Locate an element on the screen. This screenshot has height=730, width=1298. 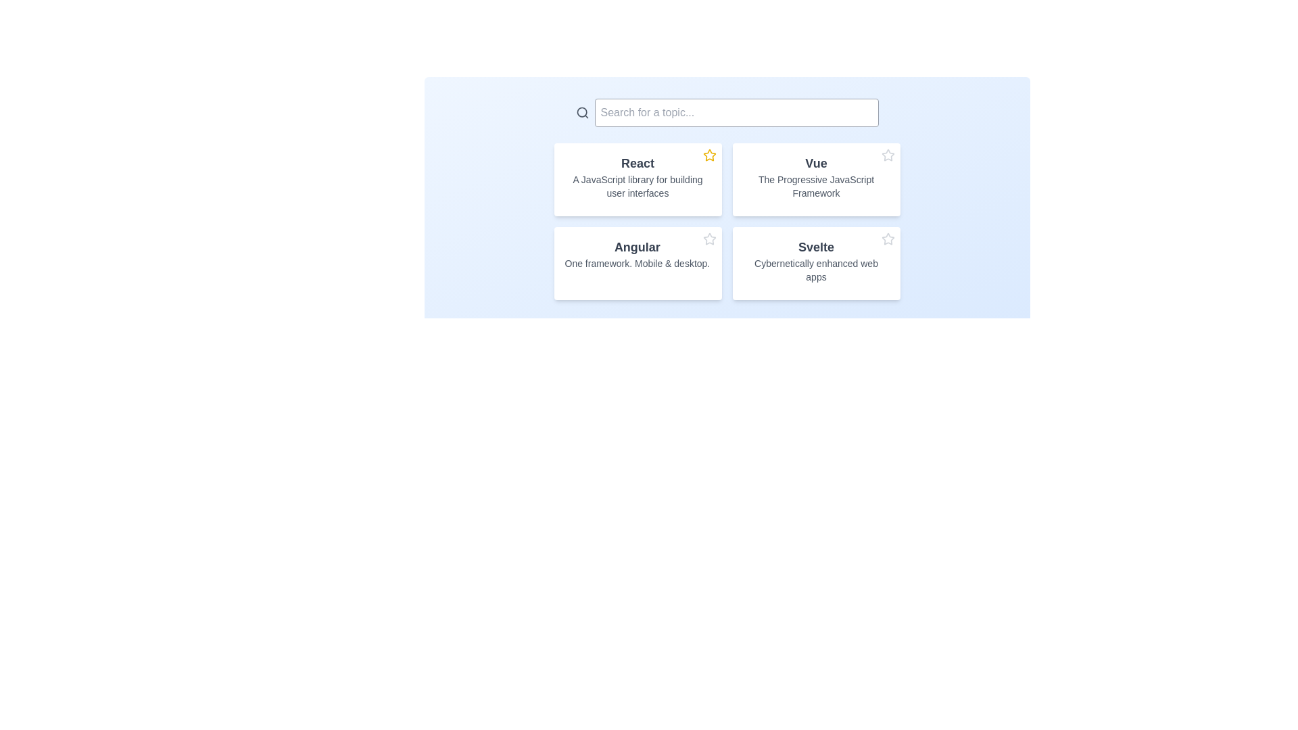
information provided by the title and subtitle Text block describing the Vue framework, which is located in the second column of the layout's first row, next to the 'React' card is located at coordinates (815, 176).